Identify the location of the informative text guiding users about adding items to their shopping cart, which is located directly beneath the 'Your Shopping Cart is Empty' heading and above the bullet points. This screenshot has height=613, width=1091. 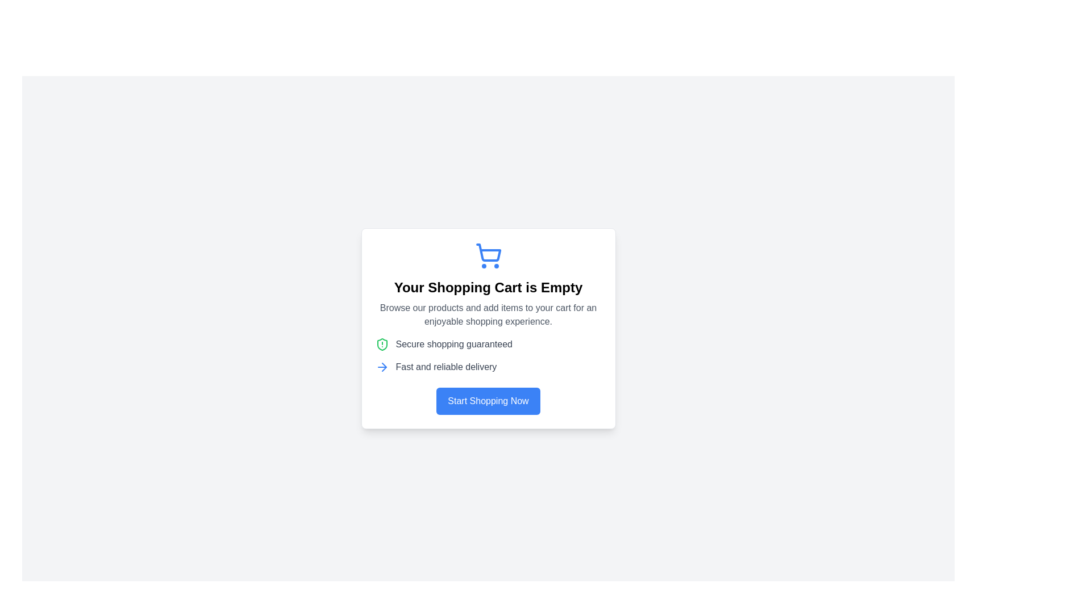
(488, 315).